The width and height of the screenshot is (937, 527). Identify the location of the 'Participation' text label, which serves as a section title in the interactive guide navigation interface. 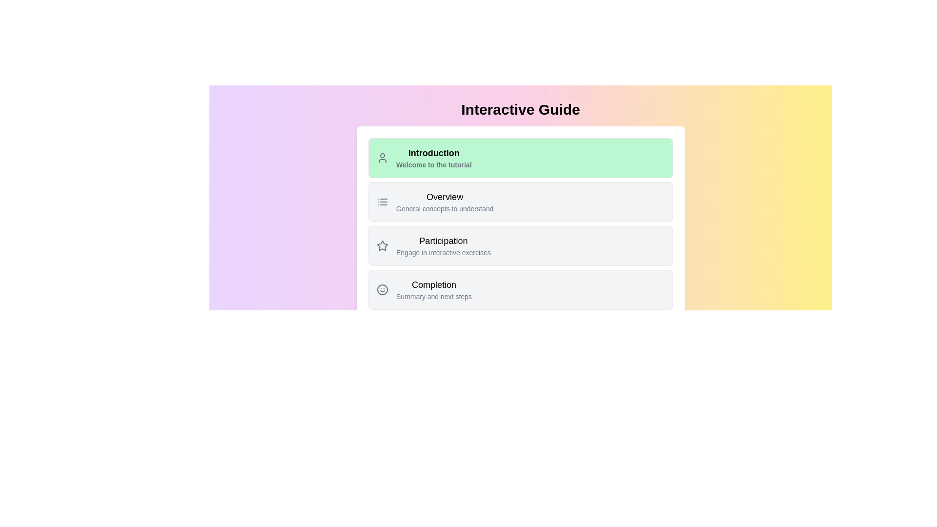
(443, 241).